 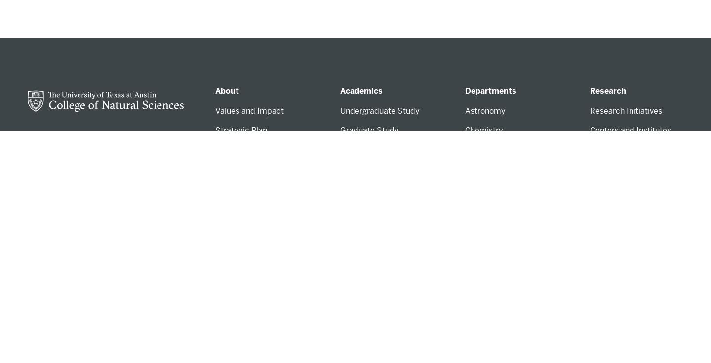 I want to click on 'Get Help', so click(x=43, y=262).